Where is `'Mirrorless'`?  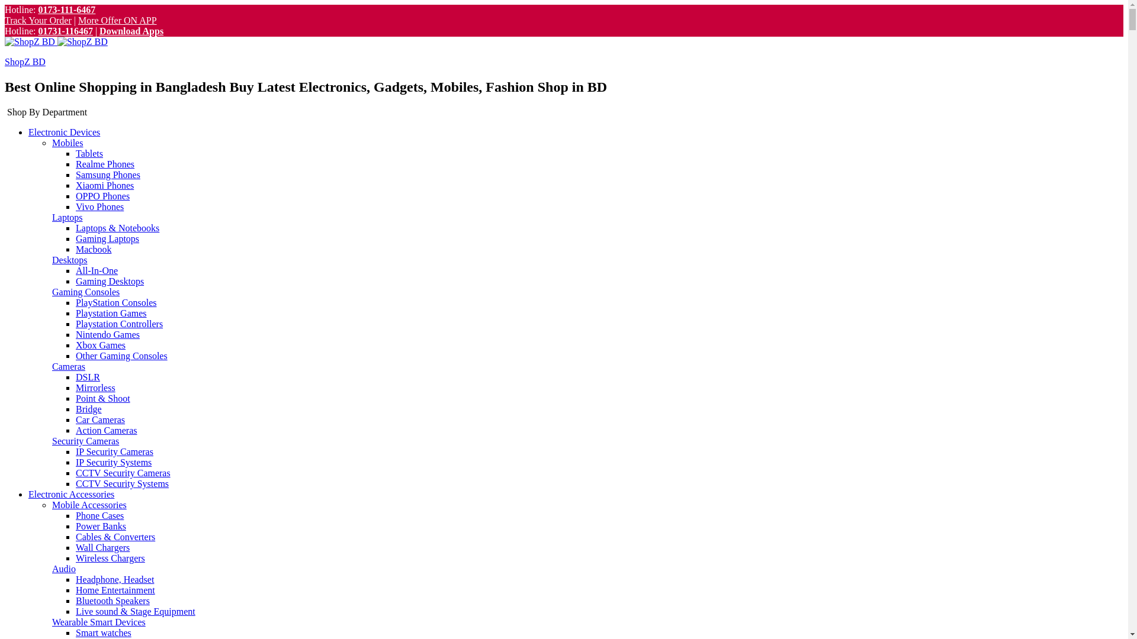 'Mirrorless' is located at coordinates (75, 388).